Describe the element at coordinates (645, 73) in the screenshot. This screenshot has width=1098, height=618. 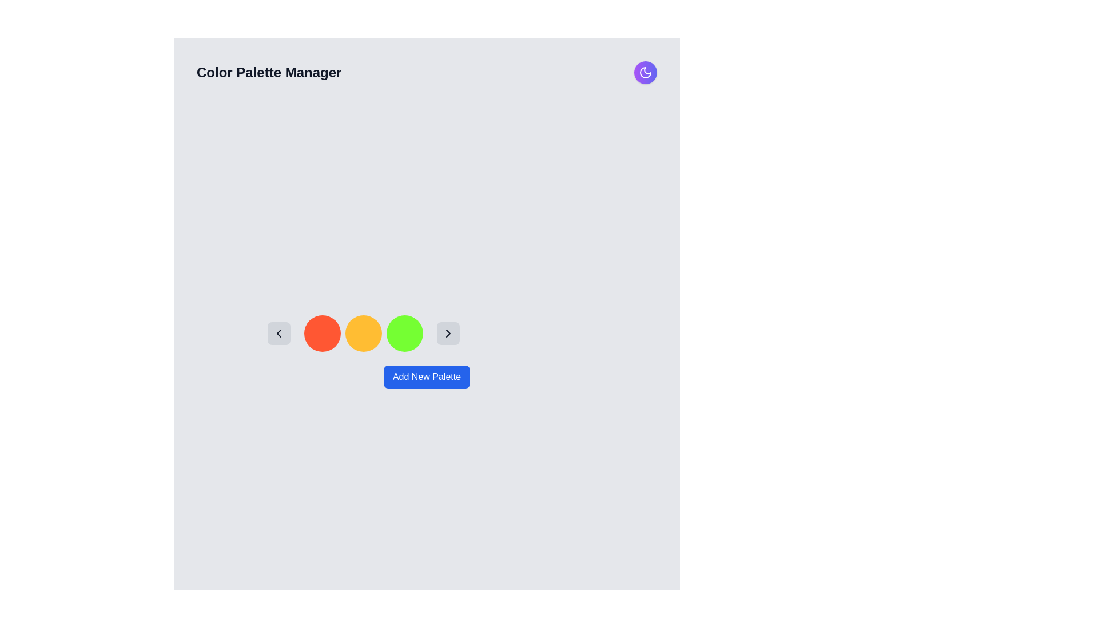
I see `the crescent moon icon located in the top-right corner of the interface, inside a purple circular area` at that location.